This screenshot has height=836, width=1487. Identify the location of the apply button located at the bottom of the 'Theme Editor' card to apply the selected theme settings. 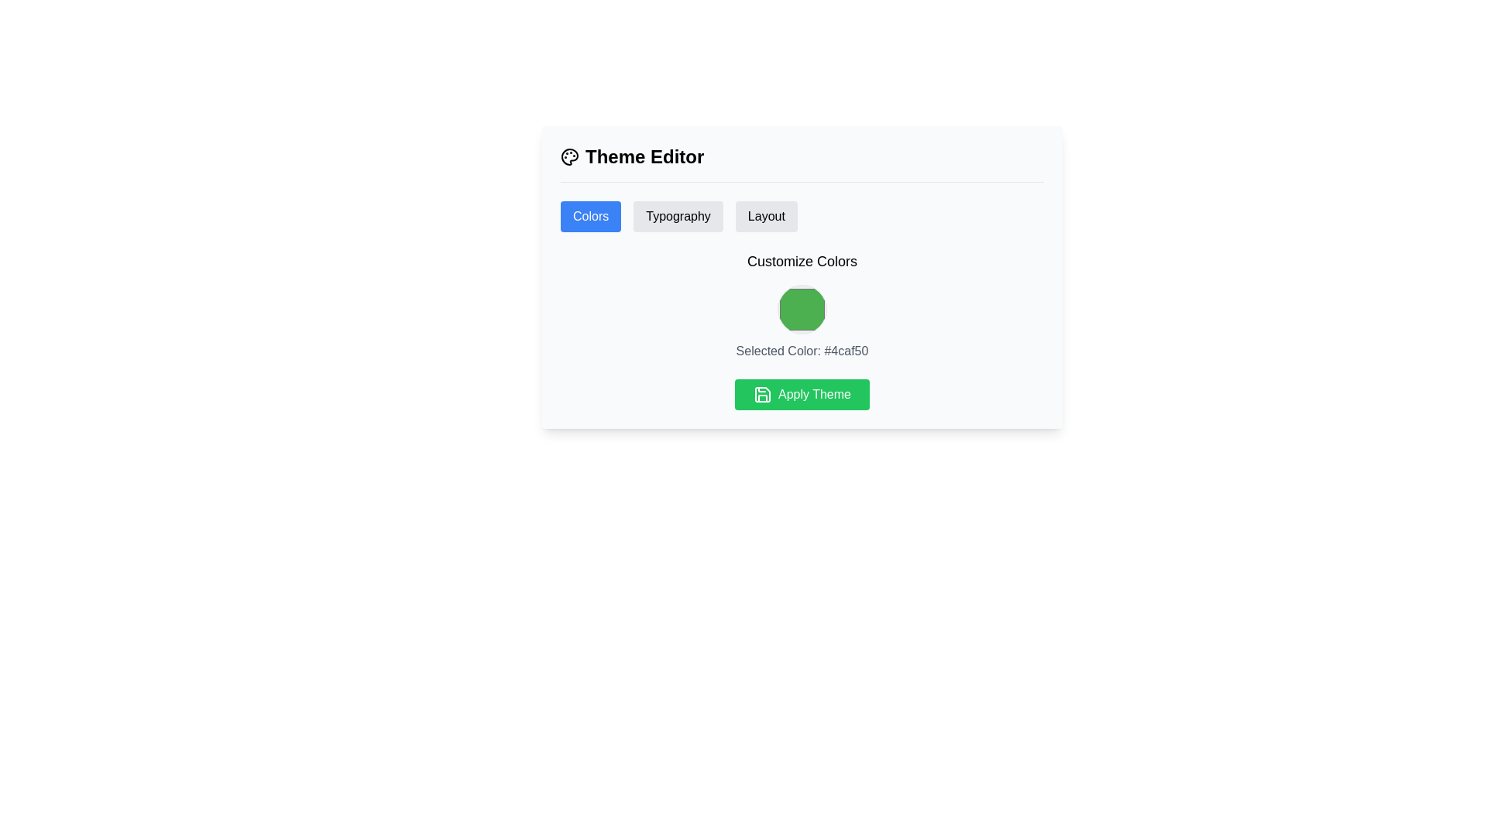
(802, 393).